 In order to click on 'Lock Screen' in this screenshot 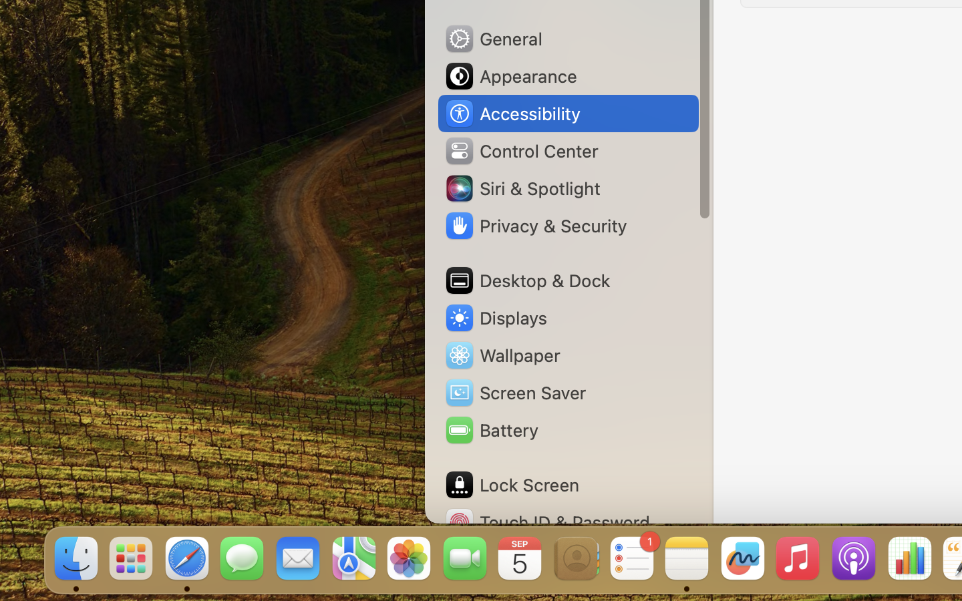, I will do `click(510, 484)`.